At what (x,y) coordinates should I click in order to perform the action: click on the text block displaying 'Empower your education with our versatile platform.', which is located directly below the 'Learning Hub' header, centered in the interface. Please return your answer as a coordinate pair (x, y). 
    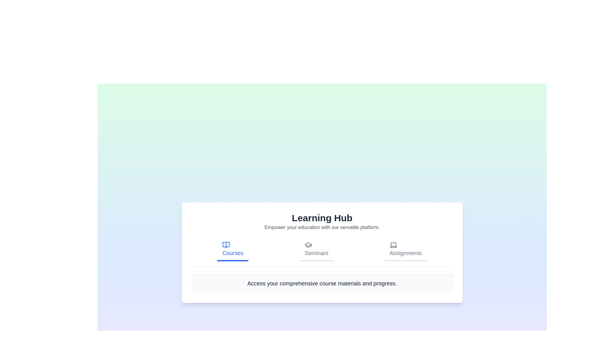
    Looking at the image, I should click on (322, 227).